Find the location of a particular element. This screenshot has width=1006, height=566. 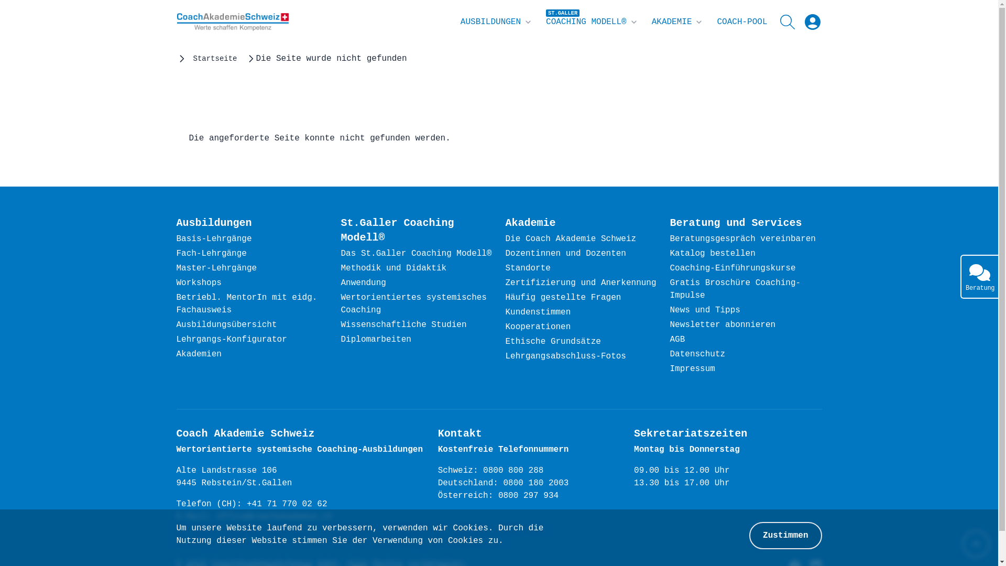

'MyCAS-Login' is located at coordinates (812, 22).